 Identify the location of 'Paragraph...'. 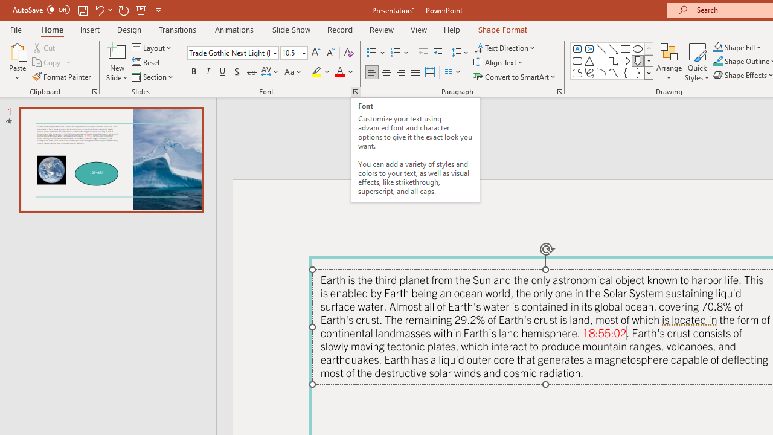
(559, 91).